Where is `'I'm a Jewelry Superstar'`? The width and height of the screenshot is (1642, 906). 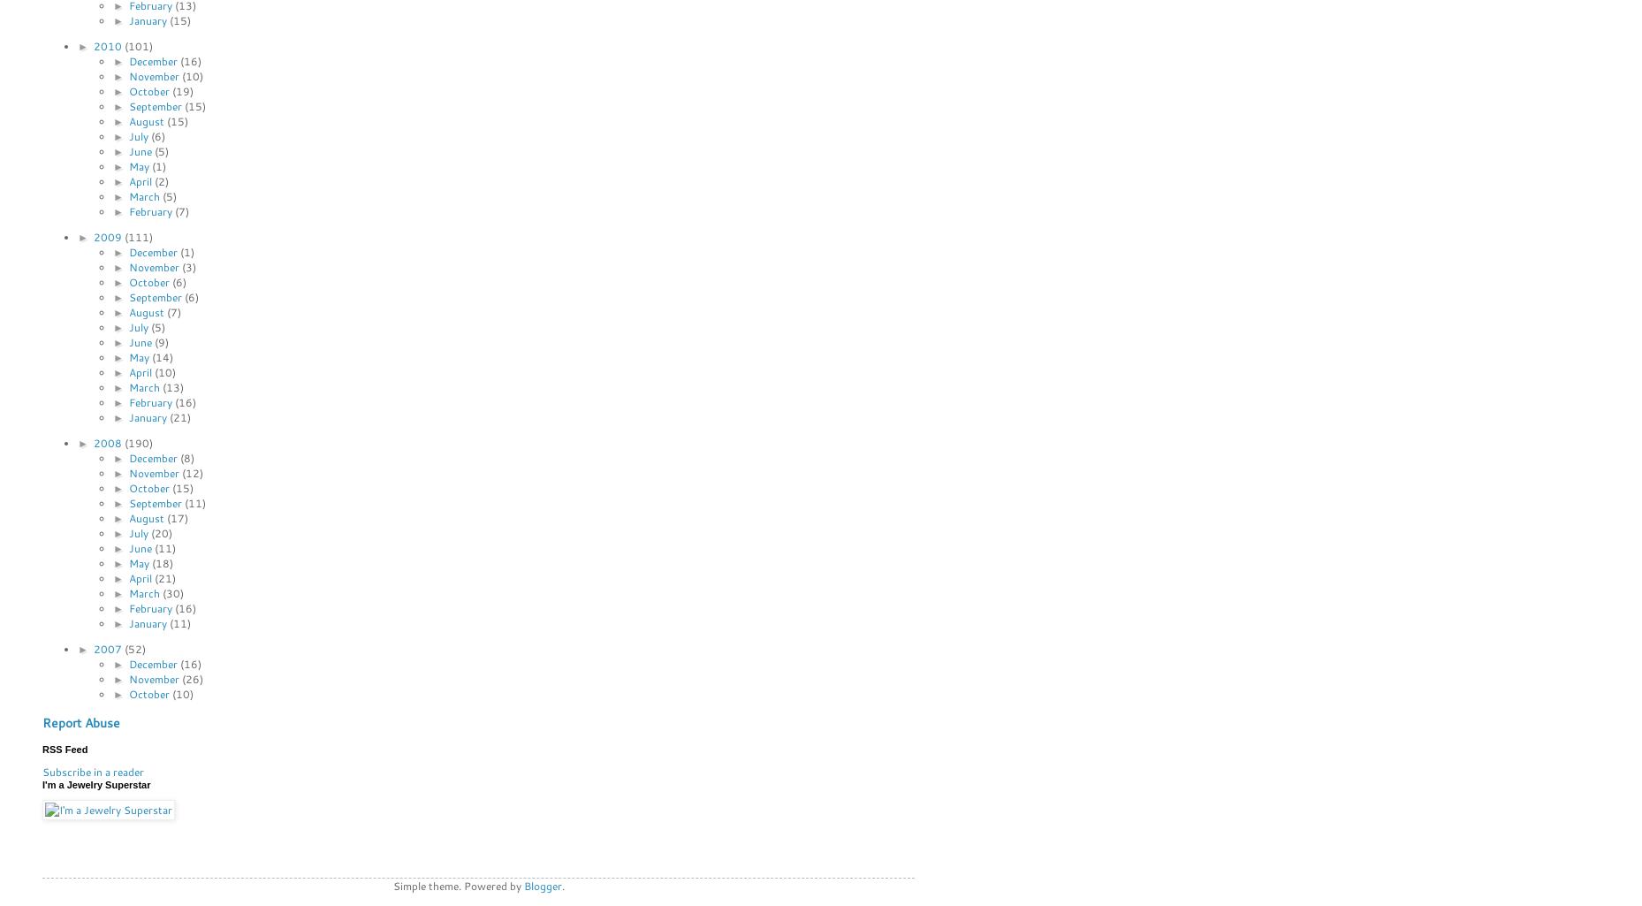
'I'm a Jewelry Superstar' is located at coordinates (96, 783).